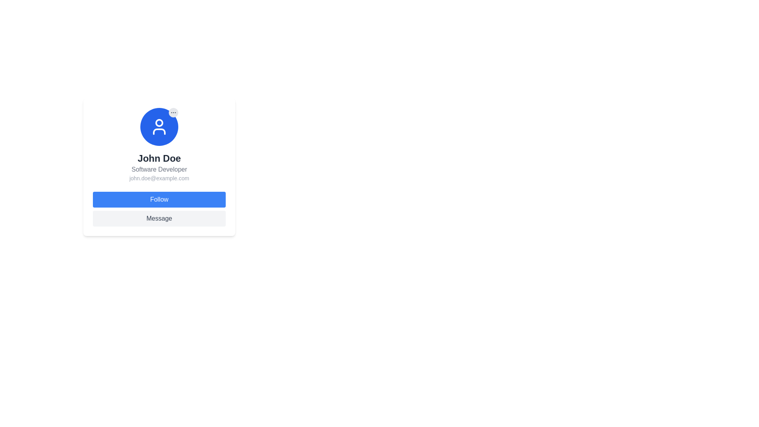 The image size is (759, 427). I want to click on the 'Message' button located in the footer section of the user profile card, so click(159, 208).